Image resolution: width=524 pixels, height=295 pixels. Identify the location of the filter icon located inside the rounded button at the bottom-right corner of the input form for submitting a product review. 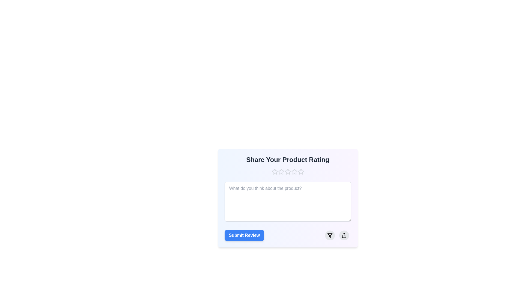
(329, 235).